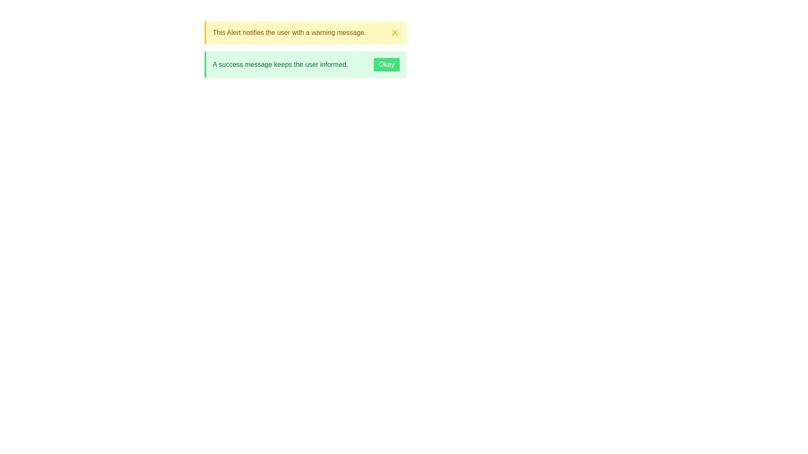 The width and height of the screenshot is (808, 454). Describe the element at coordinates (386, 64) in the screenshot. I see `the 'Okay' button with a green background in the notification box to acknowledge or dismiss the success message` at that location.